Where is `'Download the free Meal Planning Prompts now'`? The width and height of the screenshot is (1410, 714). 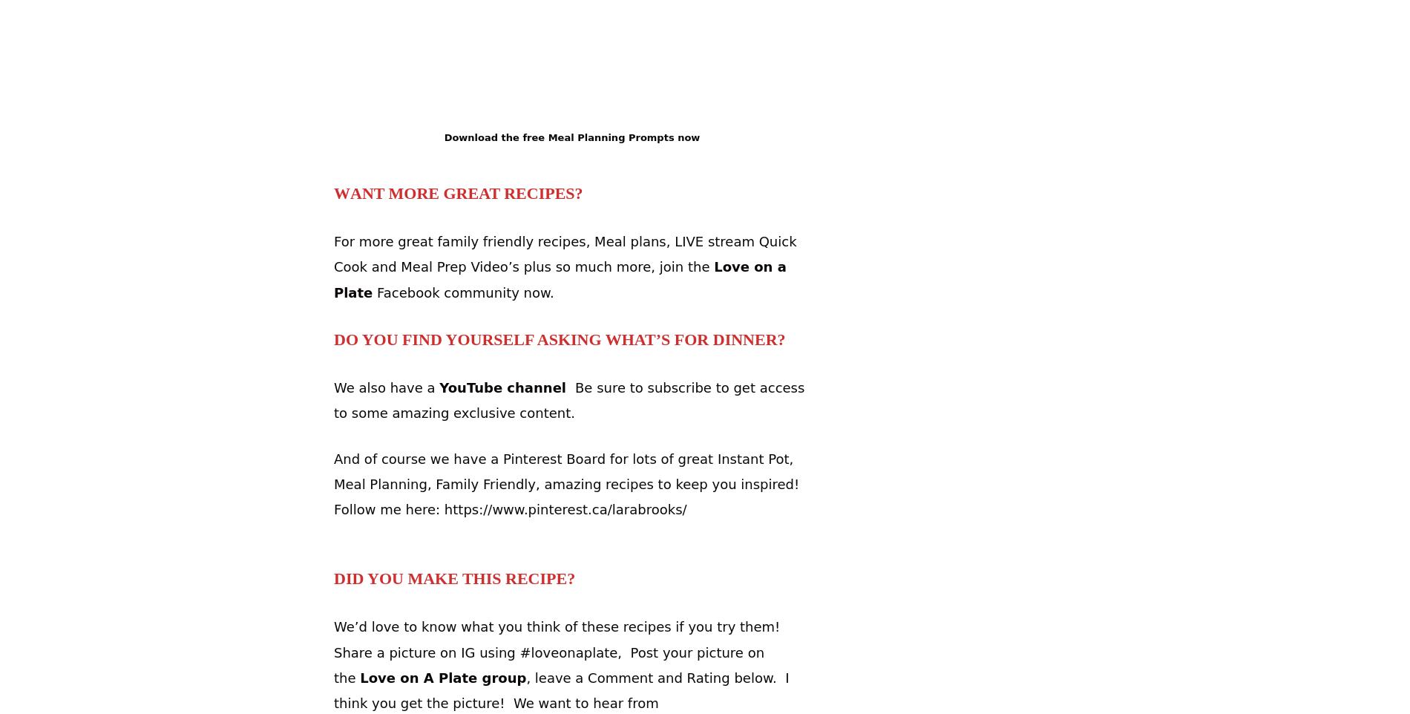
'Download the free Meal Planning Prompts now' is located at coordinates (571, 137).